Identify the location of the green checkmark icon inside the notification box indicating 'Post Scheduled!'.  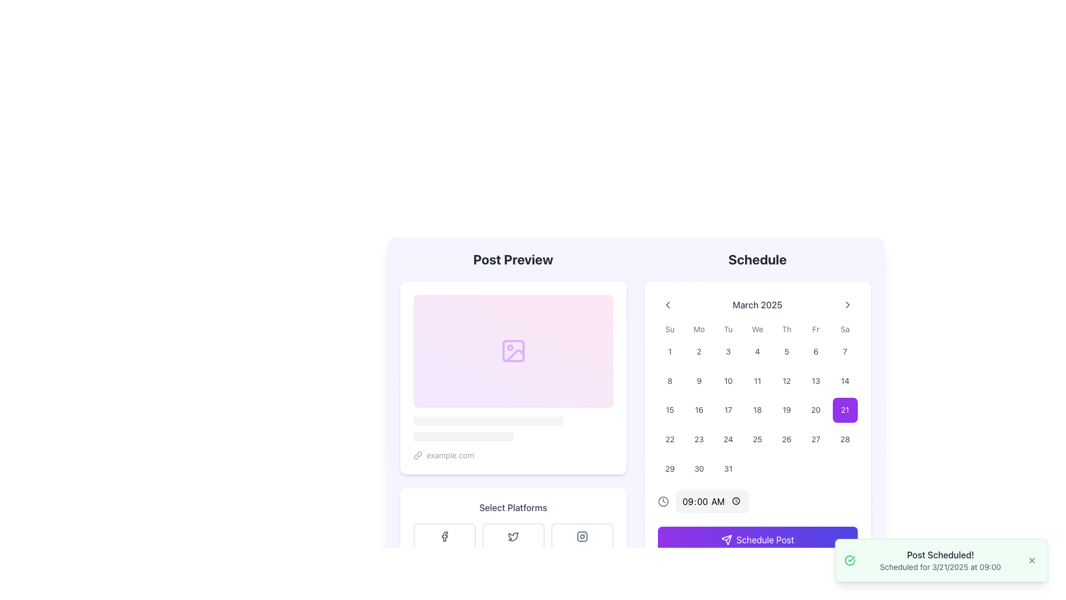
(849, 561).